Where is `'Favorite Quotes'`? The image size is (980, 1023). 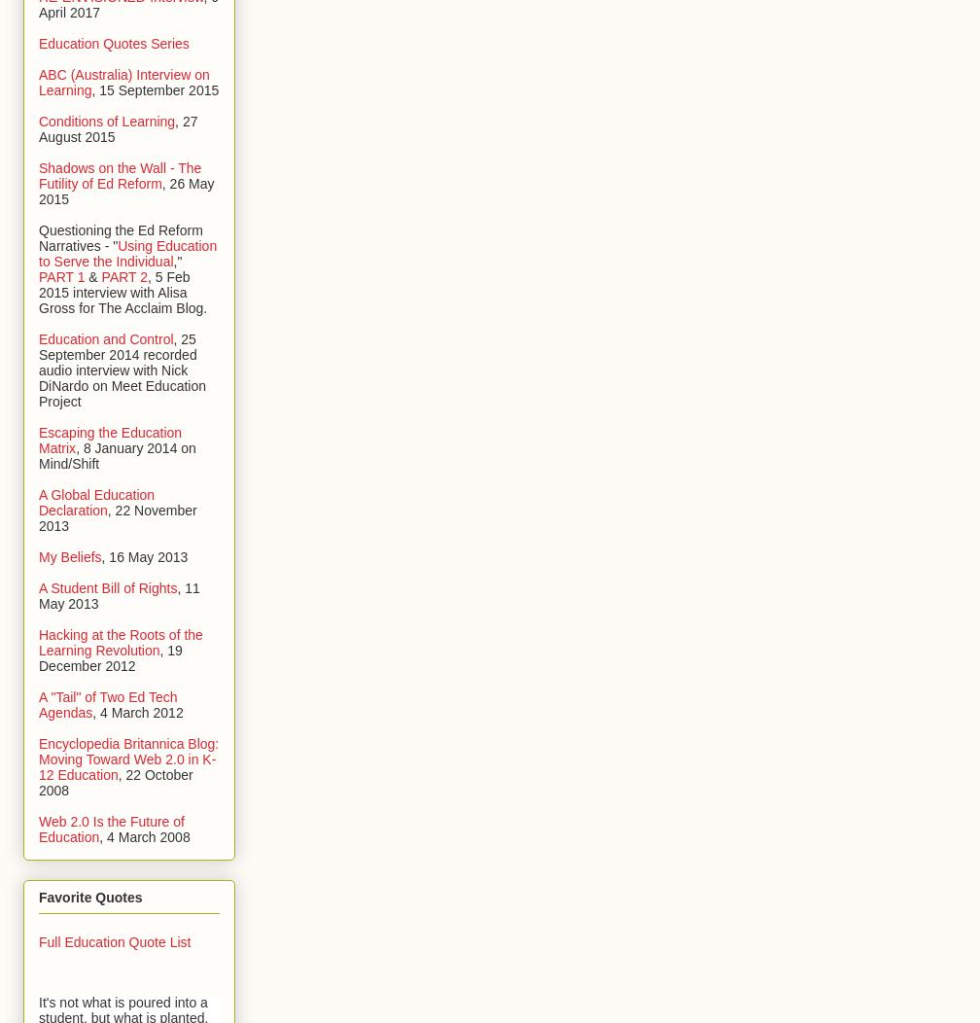
'Favorite Quotes' is located at coordinates (90, 895).